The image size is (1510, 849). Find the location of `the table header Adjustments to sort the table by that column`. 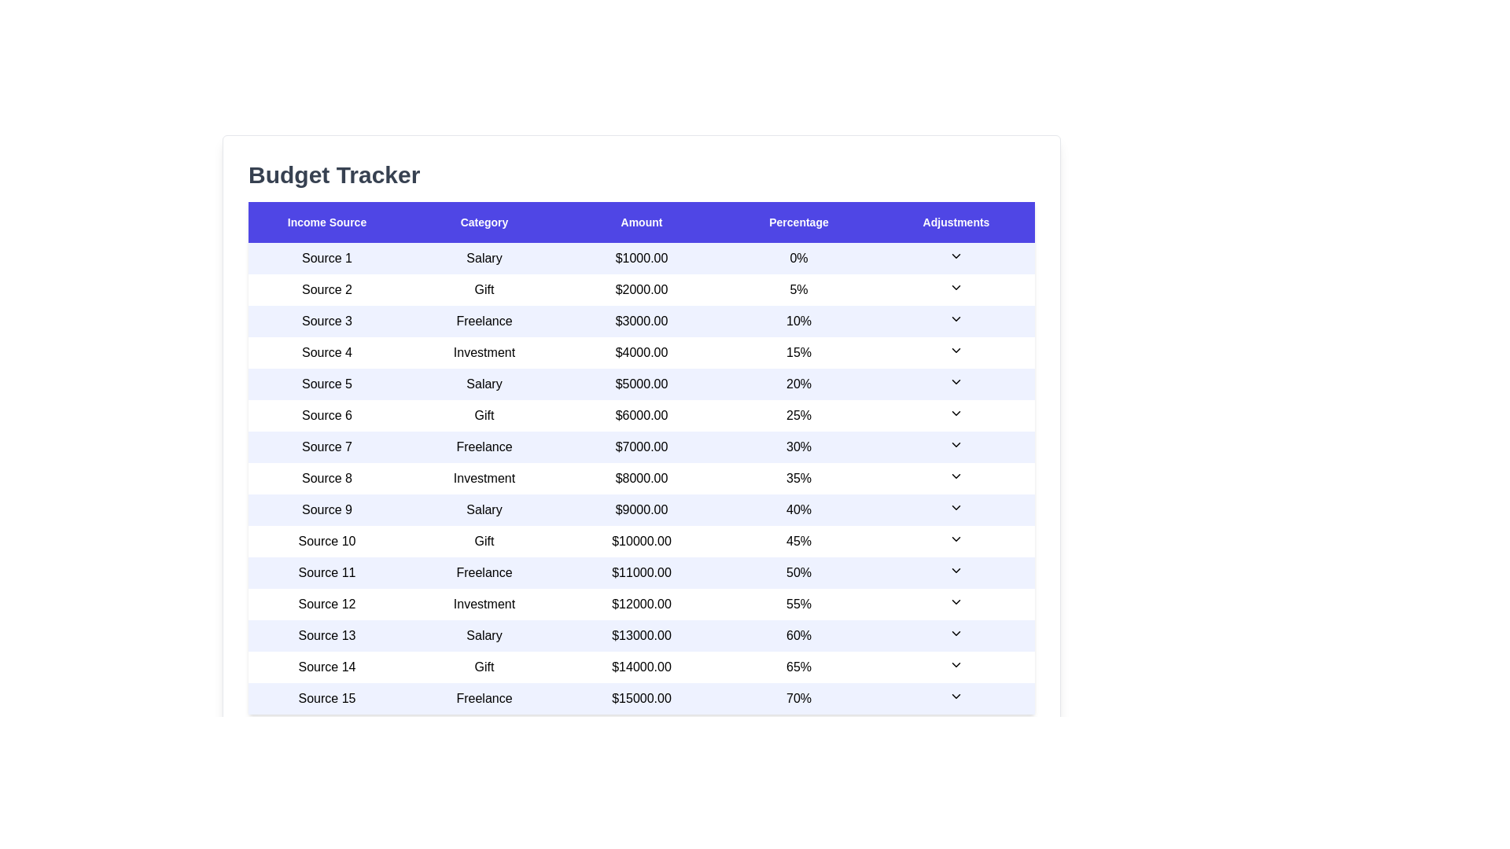

the table header Adjustments to sort the table by that column is located at coordinates (955, 222).